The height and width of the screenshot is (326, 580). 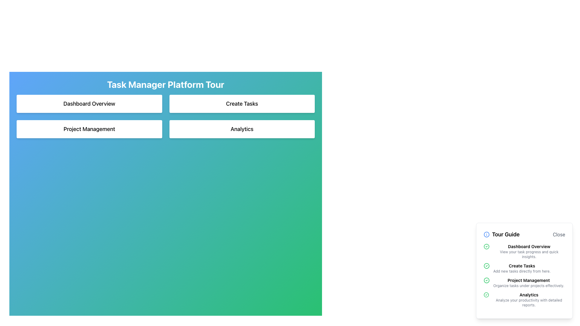 I want to click on the text label that reads 'View your task progress and quick insights.', which is styled with a small gray font and positioned directly below the 'Dashboard Overview' heading, so click(x=529, y=254).